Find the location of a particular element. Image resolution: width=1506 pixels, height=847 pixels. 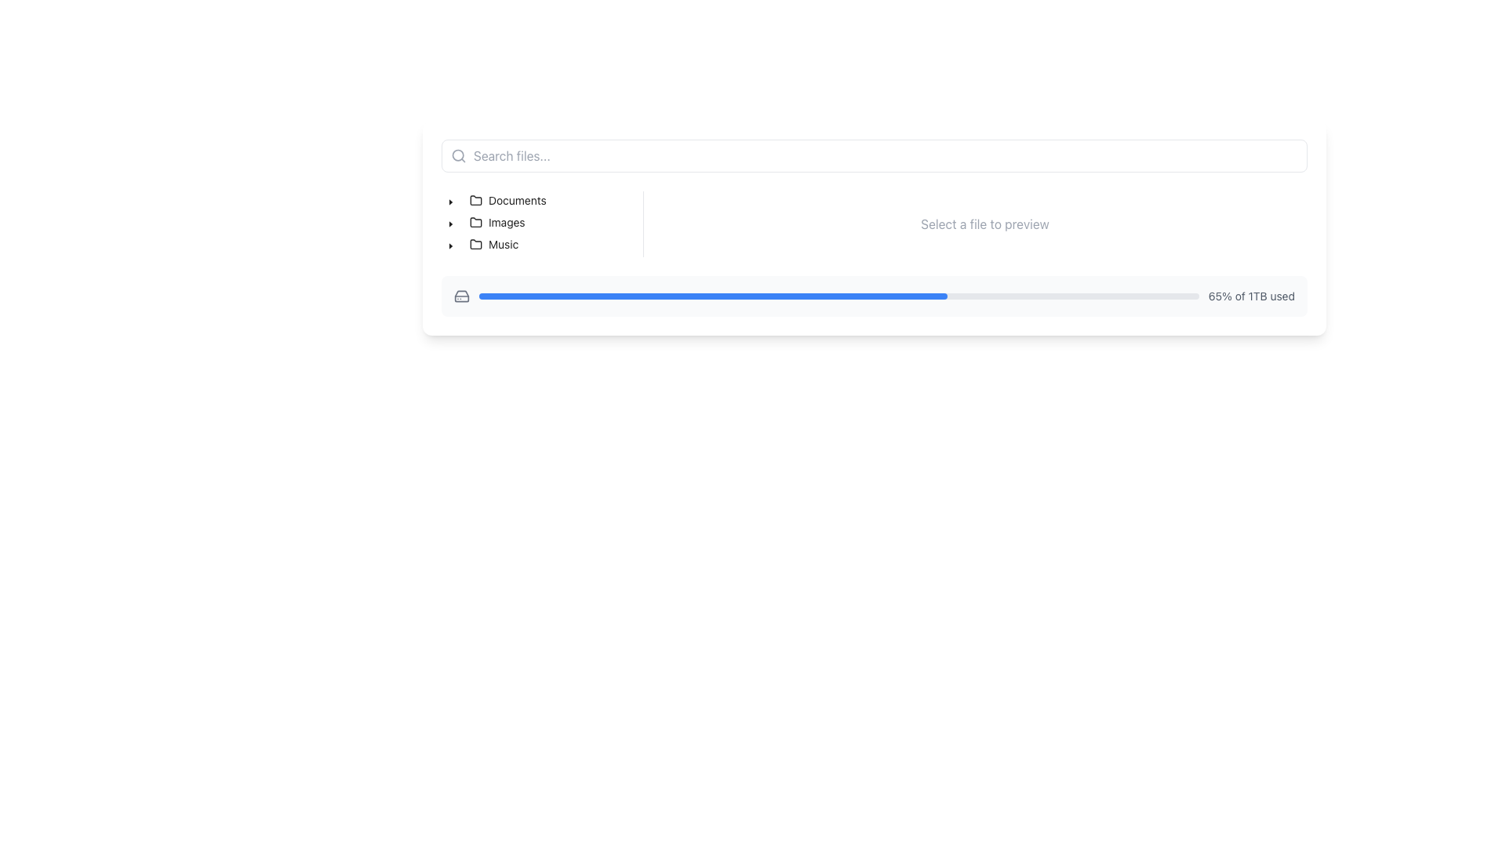

the folder icon located next to the 'Documents' label in the file navigation panel is located at coordinates (475, 198).